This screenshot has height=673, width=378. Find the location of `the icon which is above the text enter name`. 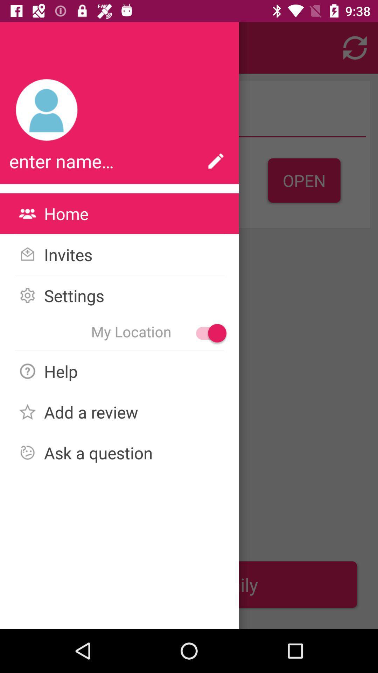

the icon which is above the text enter name is located at coordinates (47, 110).